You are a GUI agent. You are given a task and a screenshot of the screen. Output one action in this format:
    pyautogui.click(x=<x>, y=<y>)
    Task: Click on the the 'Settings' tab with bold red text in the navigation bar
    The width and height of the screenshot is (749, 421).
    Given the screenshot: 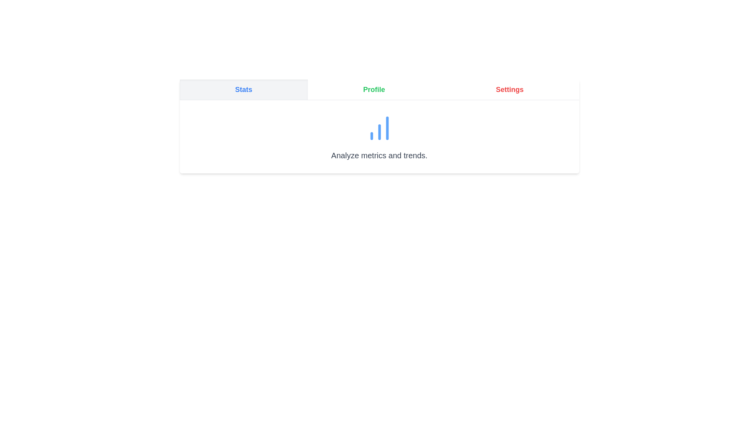 What is the action you would take?
    pyautogui.click(x=509, y=89)
    